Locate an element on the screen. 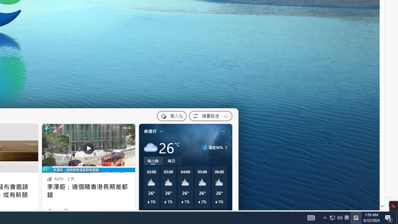 The width and height of the screenshot is (398, 224). 'Class: weather-current-precipitation-glyph' is located at coordinates (216, 202).